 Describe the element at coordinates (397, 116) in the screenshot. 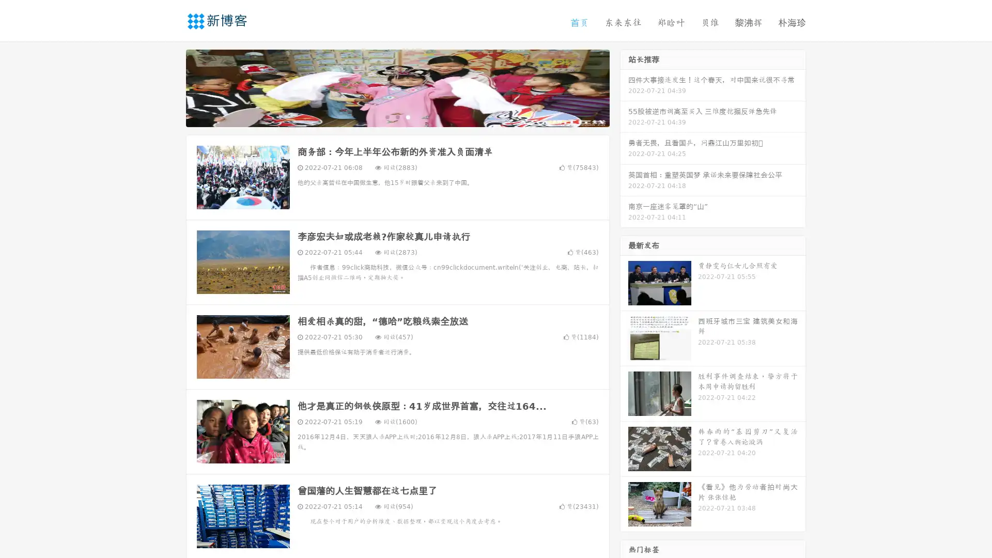

I see `Go to slide 2` at that location.